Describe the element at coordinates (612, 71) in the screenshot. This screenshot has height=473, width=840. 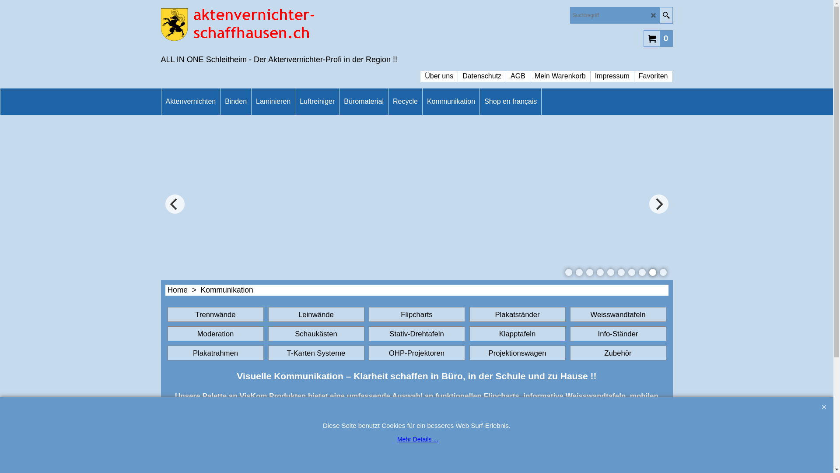
I see `'Impressum'` at that location.